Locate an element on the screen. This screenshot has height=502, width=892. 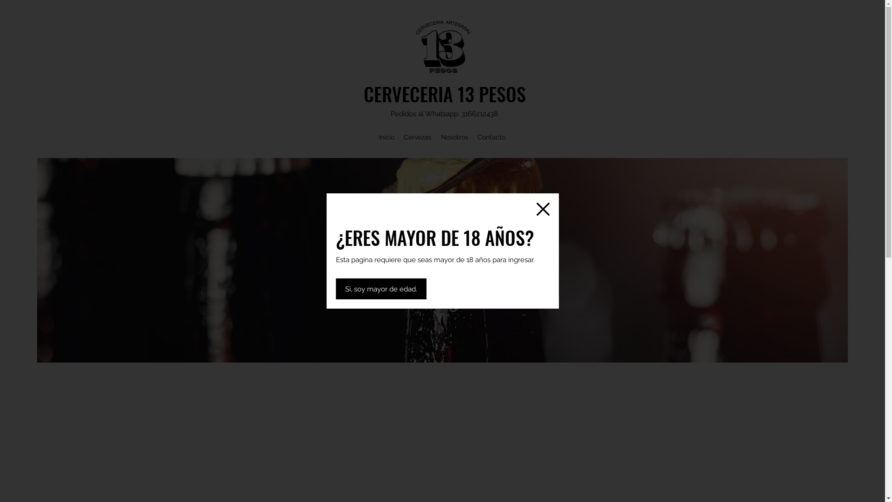
'Cervezas' is located at coordinates (417, 137).